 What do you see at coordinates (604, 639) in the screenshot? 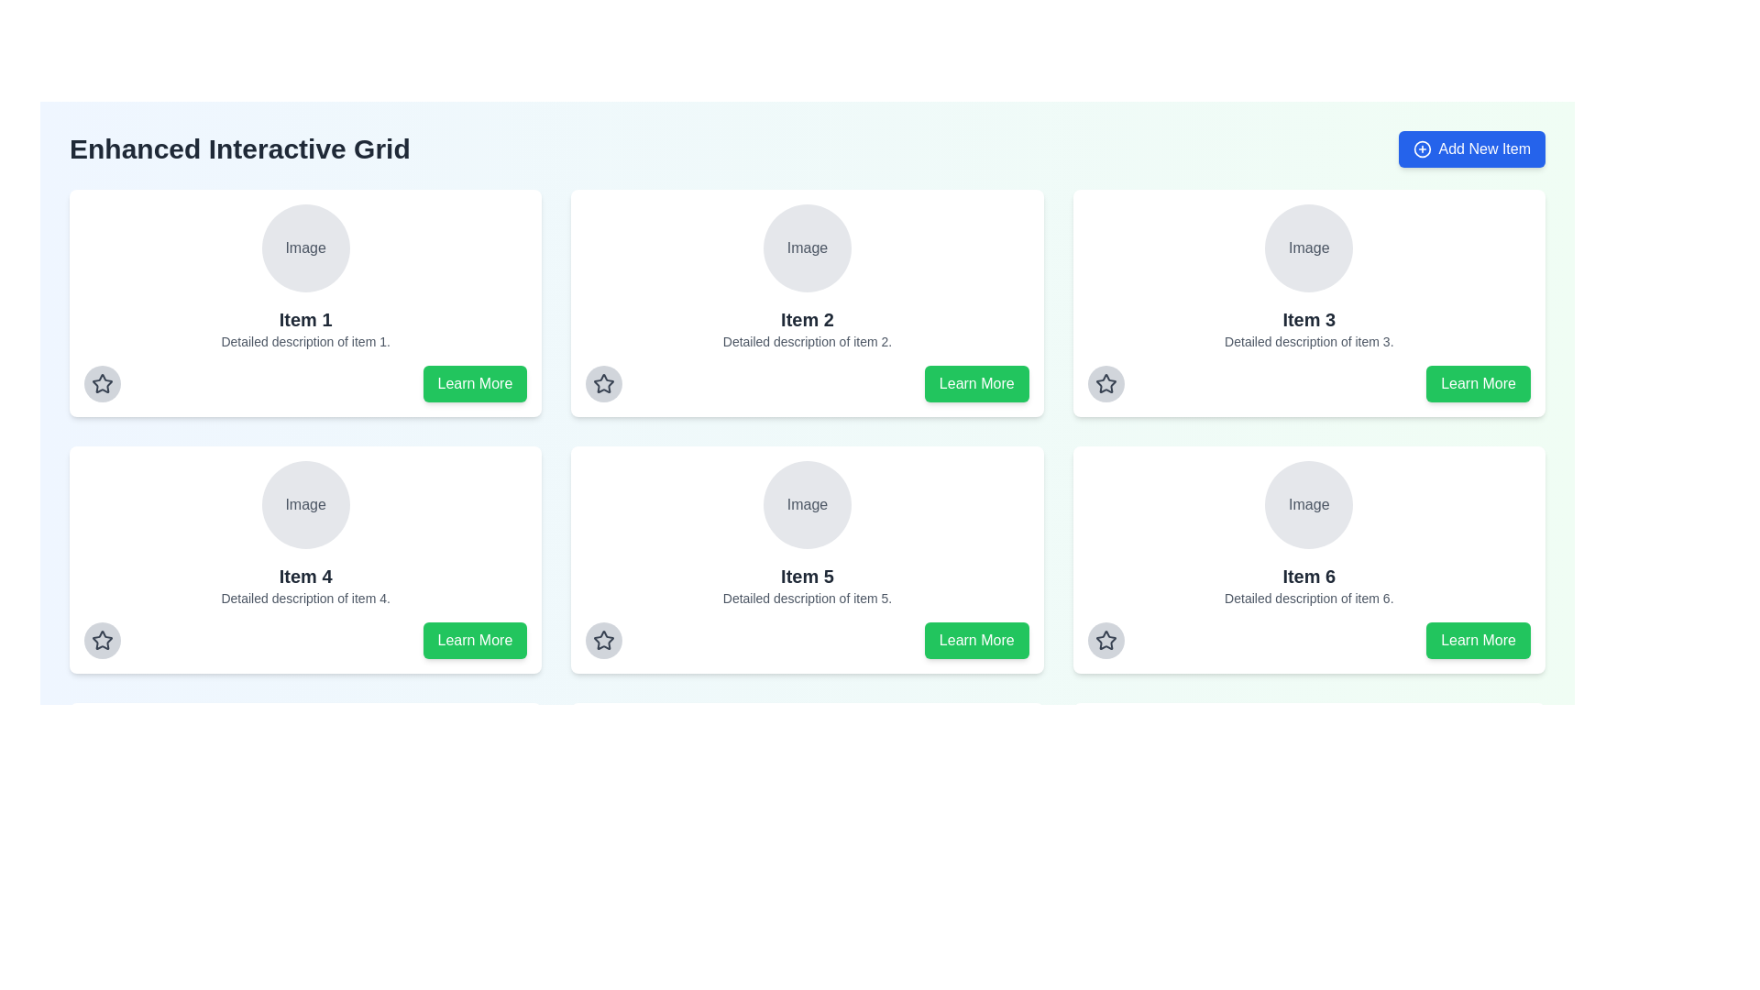
I see `the gray five-pointed star icon with a hollow center located in the bottom-left corner of the card labeled 'Item 5'` at bounding box center [604, 639].